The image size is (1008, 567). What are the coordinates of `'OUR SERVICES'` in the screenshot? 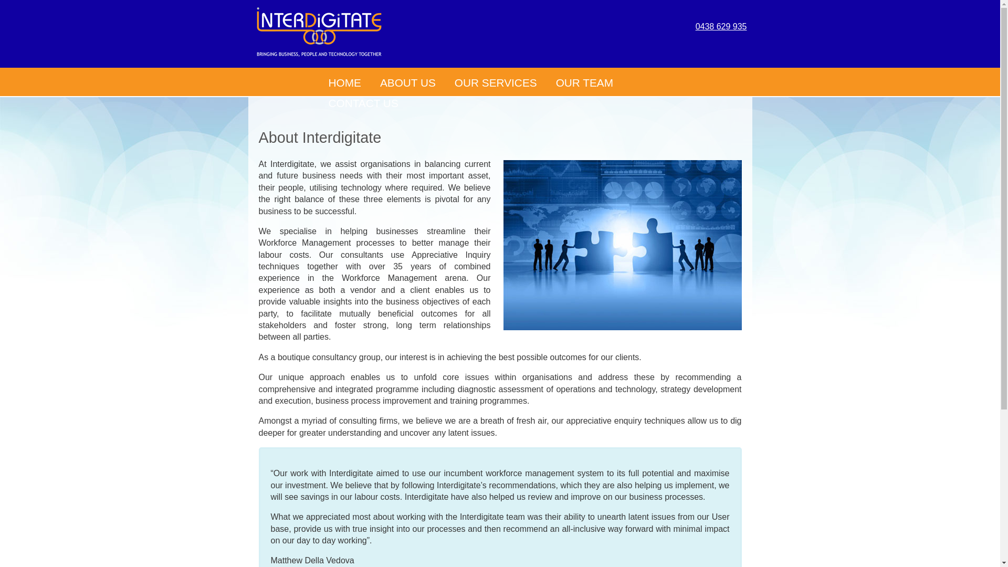 It's located at (495, 82).